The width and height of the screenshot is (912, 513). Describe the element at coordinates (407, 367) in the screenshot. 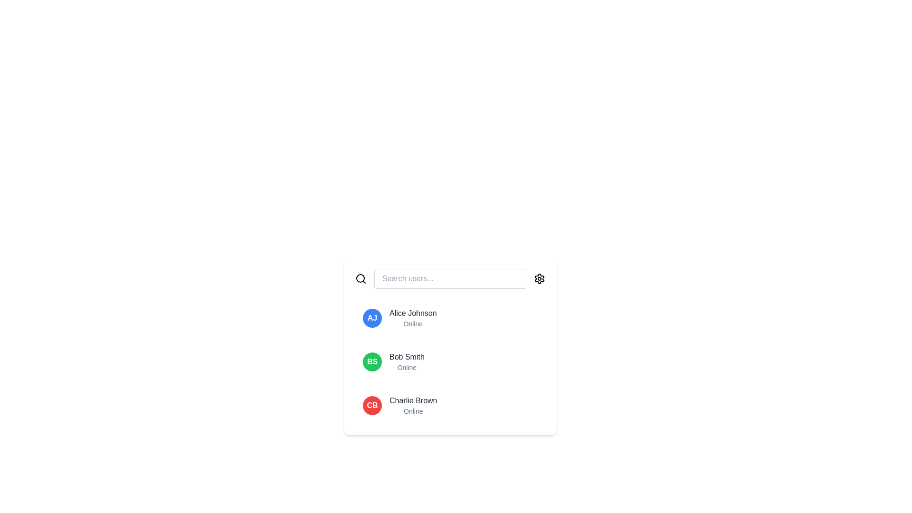

I see `the non-interactive text label indicating the online status of user 'Bob Smith', located below the user's name in the user card` at that location.